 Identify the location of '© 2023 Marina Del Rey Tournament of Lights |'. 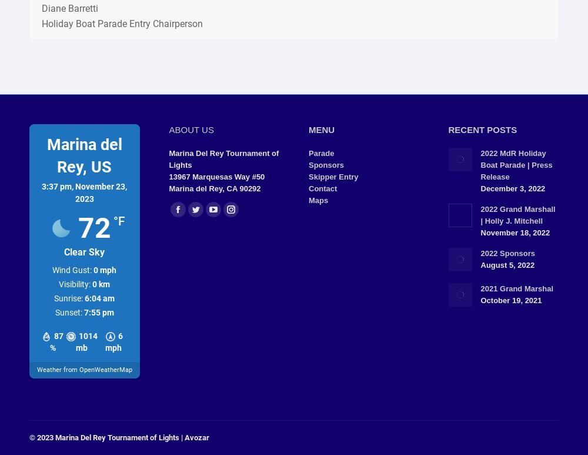
(107, 437).